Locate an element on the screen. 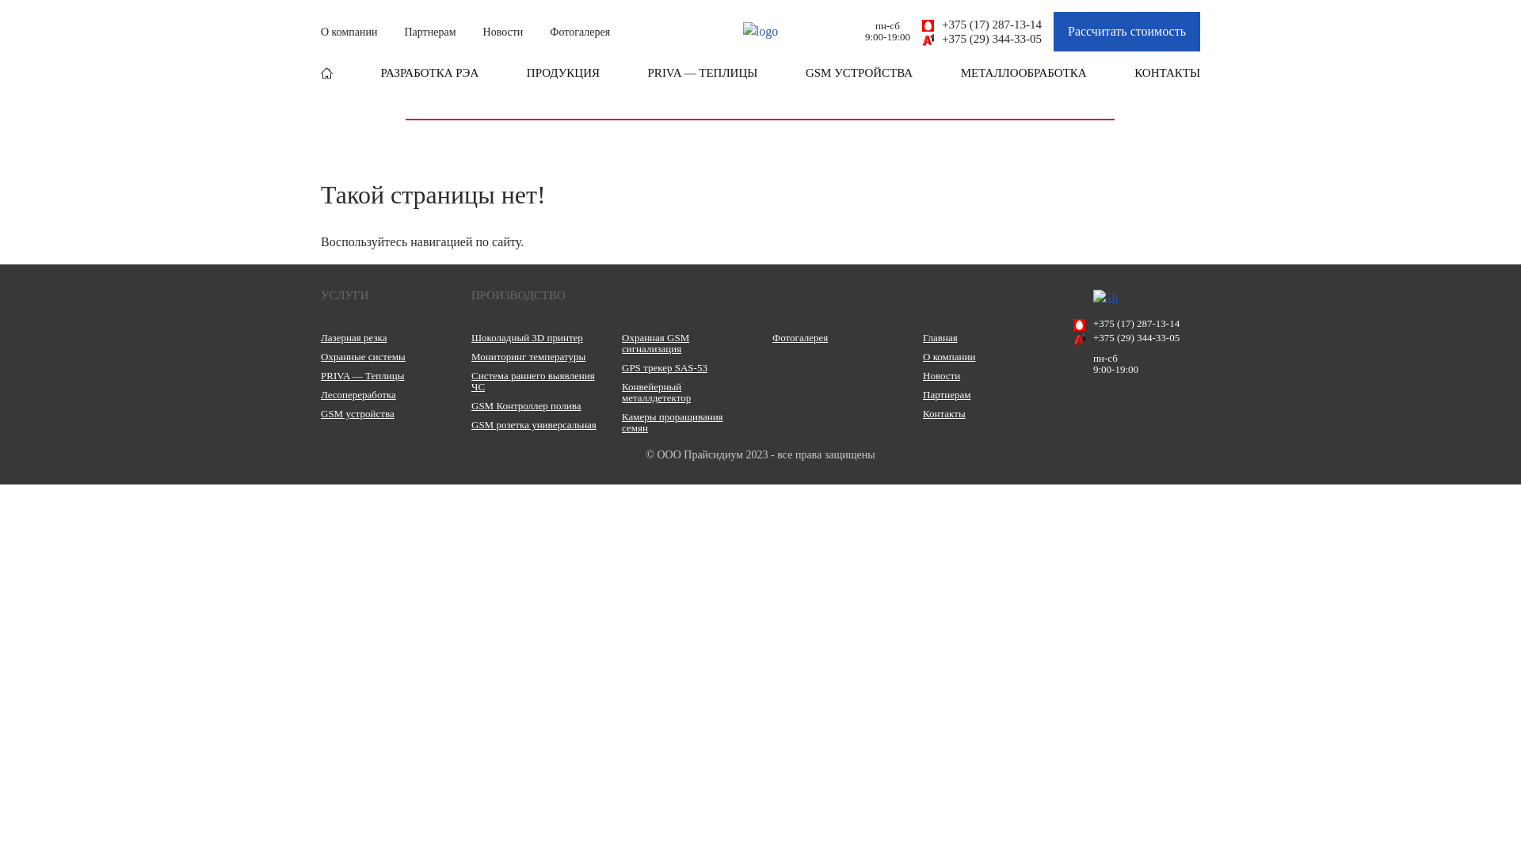 This screenshot has height=855, width=1521. '+375 (29) 344-33-05' is located at coordinates (1136, 337).